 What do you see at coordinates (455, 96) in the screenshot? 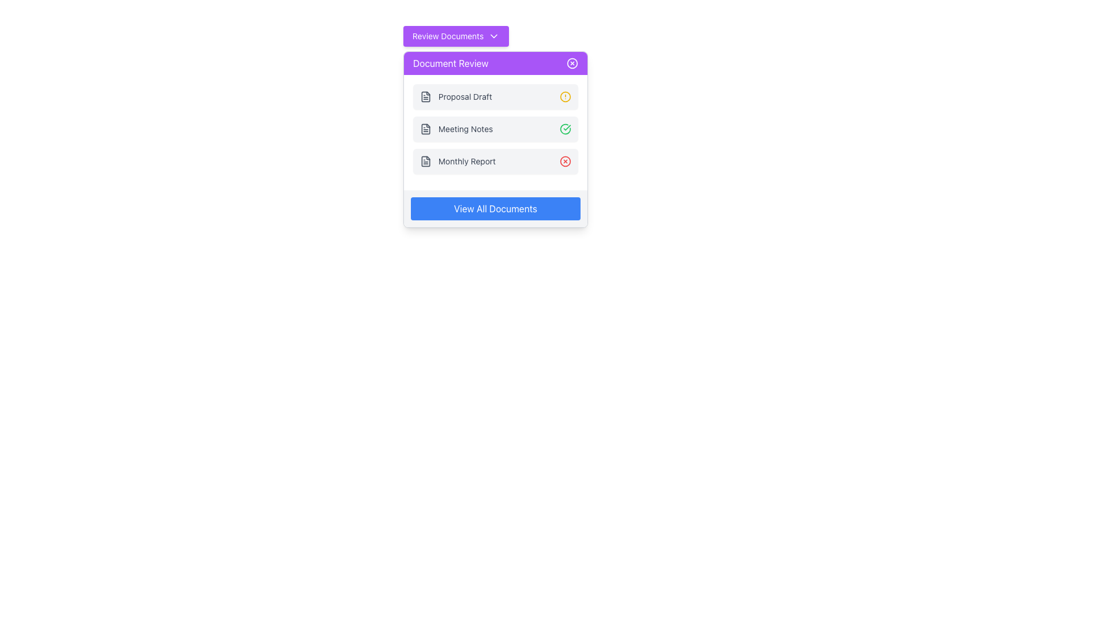
I see `the first list item in the 'Document Review' panel, which displays the title of a document with an associated icon` at bounding box center [455, 96].